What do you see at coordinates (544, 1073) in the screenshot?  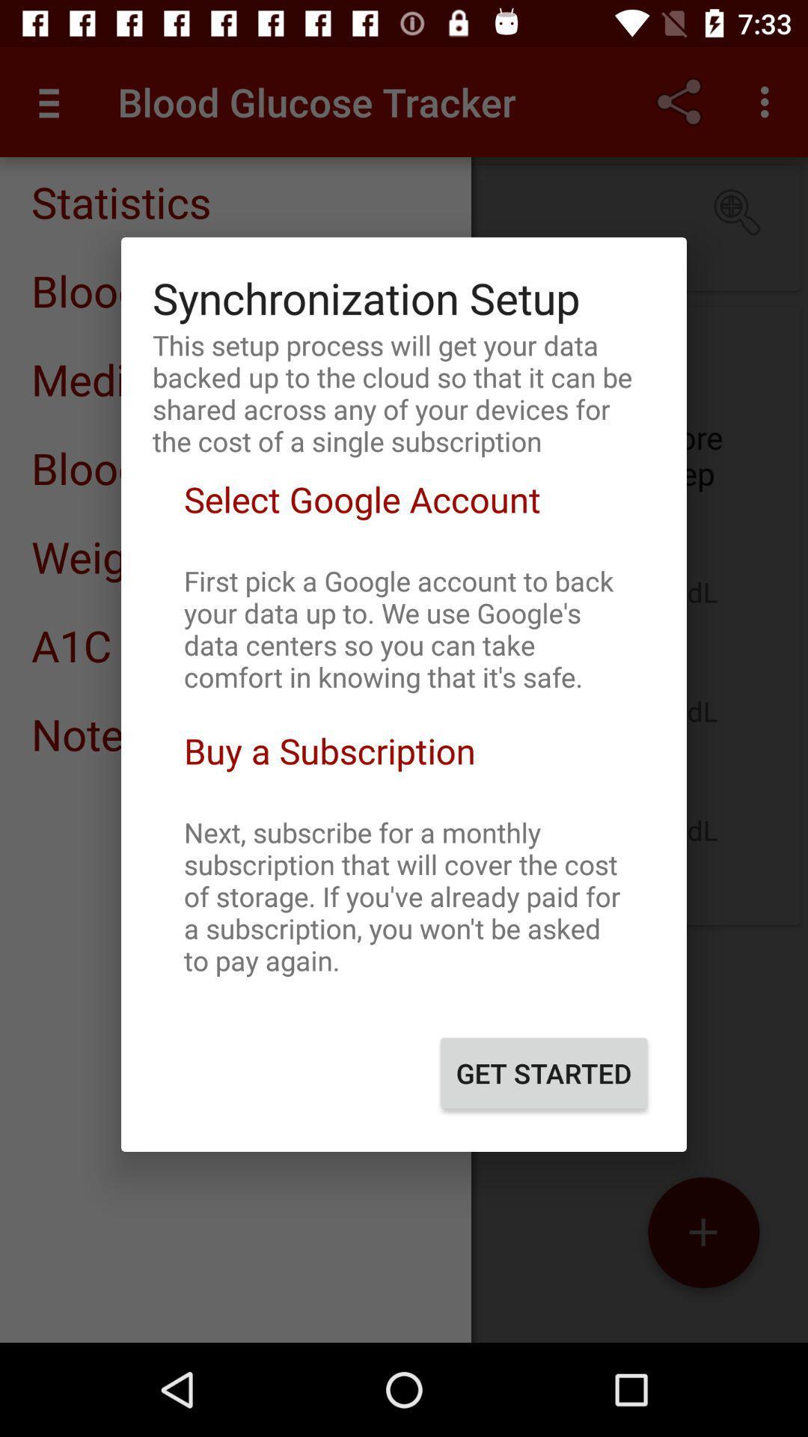 I see `the icon at the bottom right corner` at bounding box center [544, 1073].